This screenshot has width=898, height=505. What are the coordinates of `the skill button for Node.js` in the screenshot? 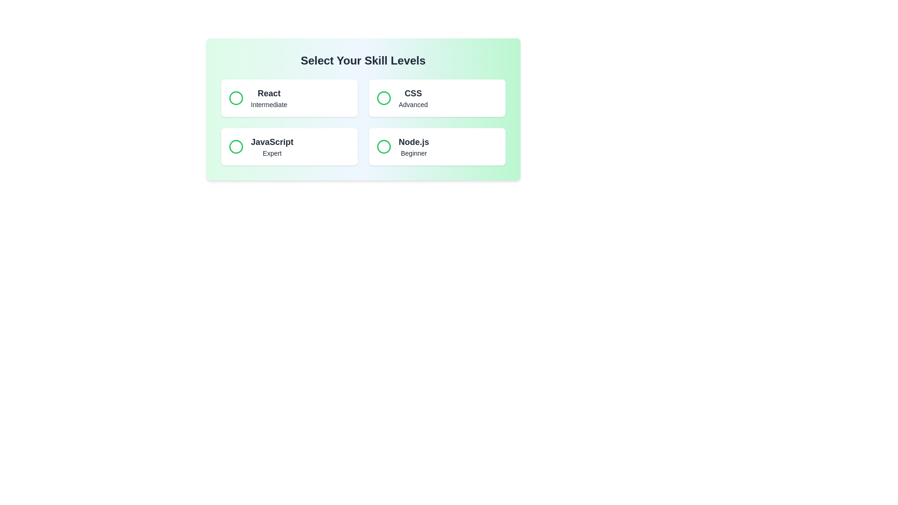 It's located at (436, 146).